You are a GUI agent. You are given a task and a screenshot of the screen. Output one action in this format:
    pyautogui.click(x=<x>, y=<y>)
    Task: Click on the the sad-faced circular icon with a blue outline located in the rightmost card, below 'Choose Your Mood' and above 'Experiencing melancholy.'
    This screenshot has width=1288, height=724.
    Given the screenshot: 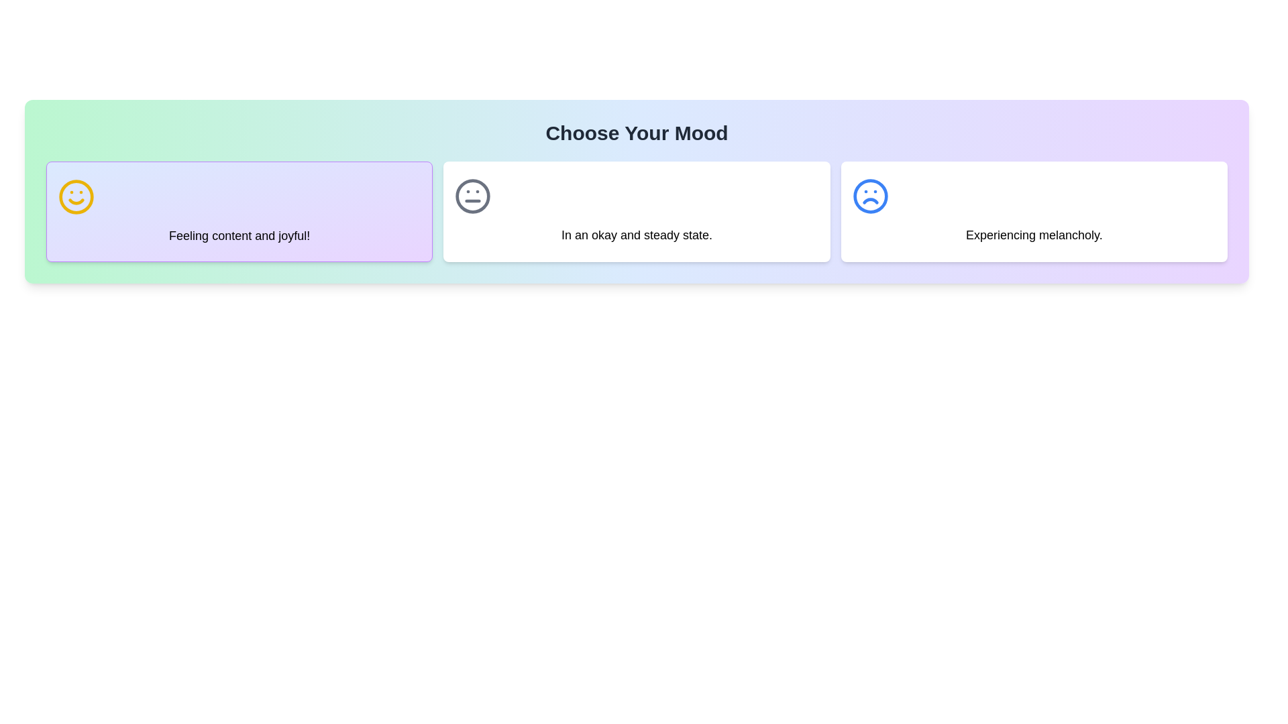 What is the action you would take?
    pyautogui.click(x=870, y=196)
    